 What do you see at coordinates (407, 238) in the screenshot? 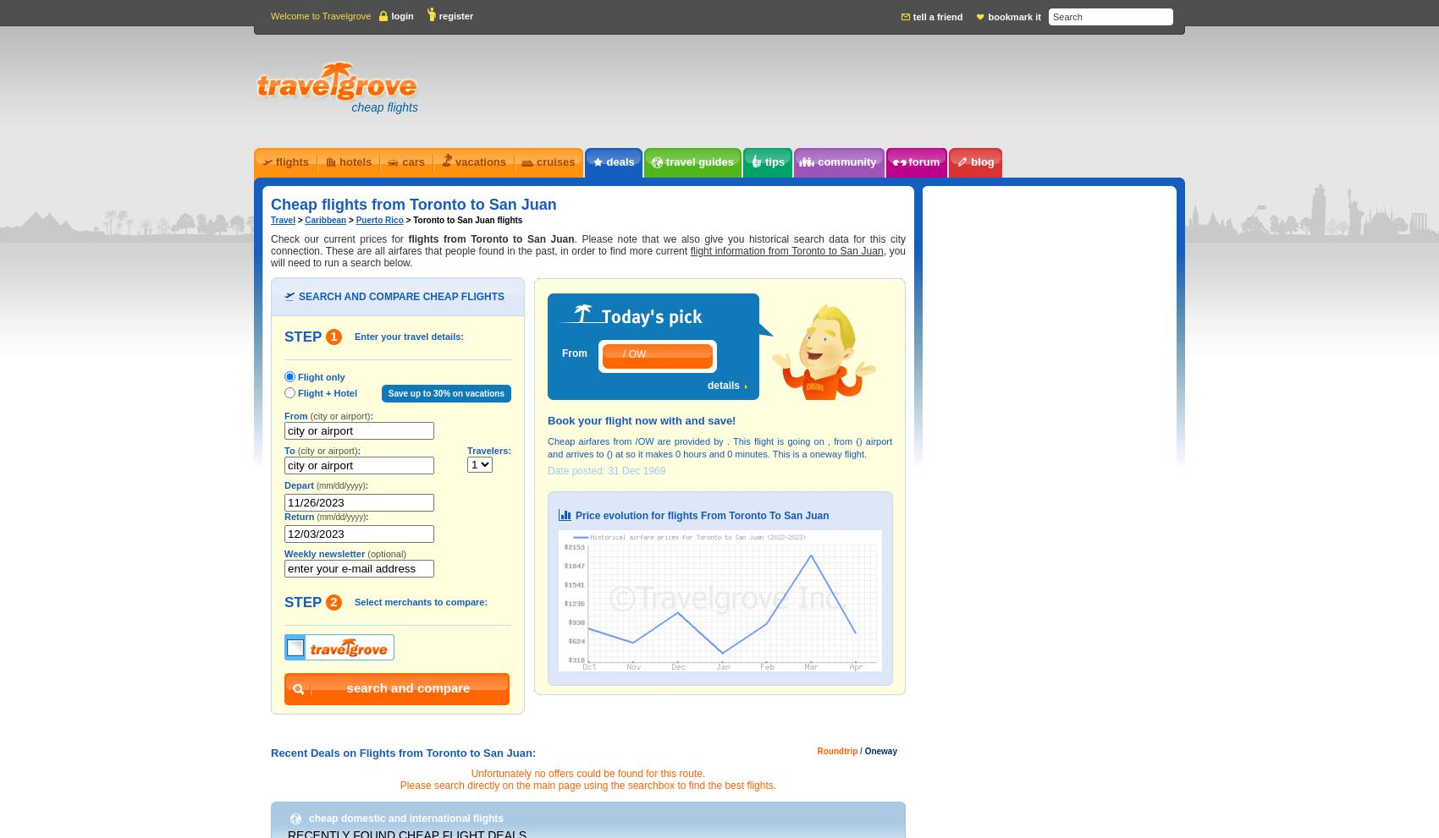
I see `'flights from Toronto to San Juan'` at bounding box center [407, 238].